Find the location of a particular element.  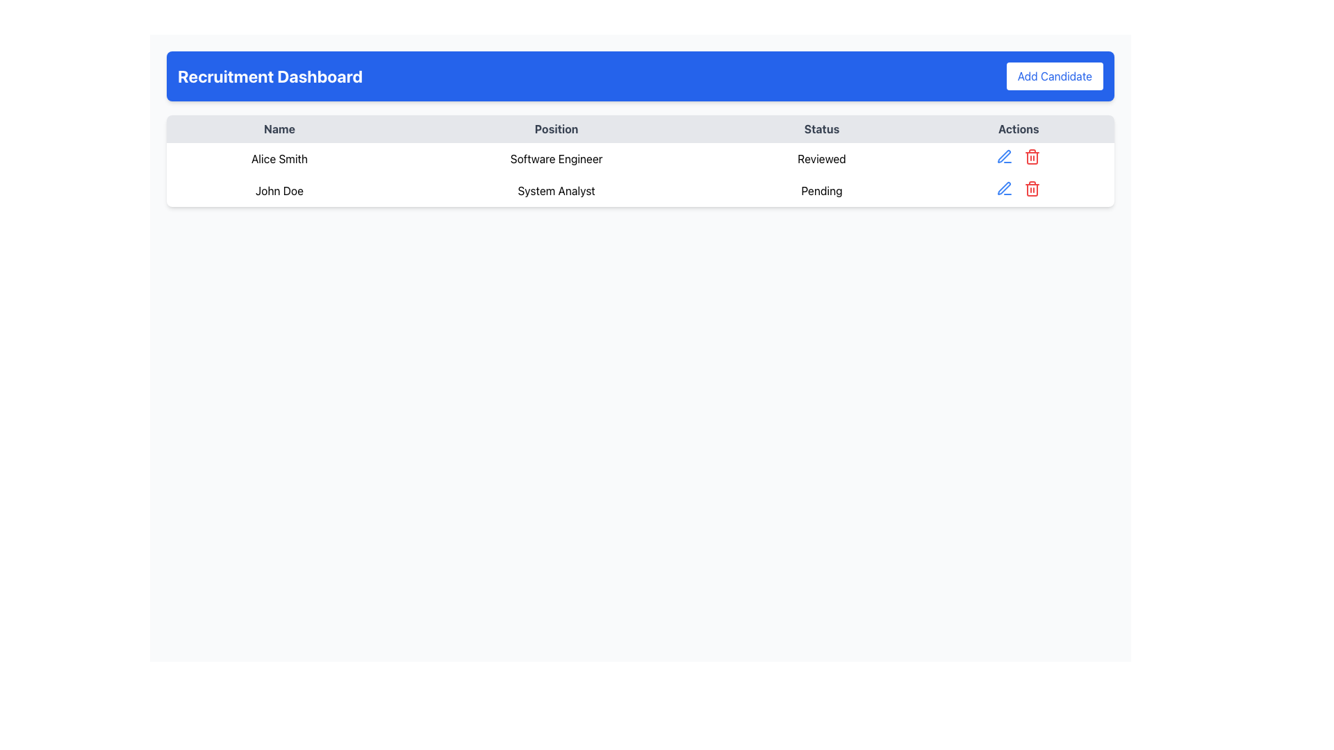

the 'Actions' text label, which is in bold, dark font and located in the top-right section of the table header row, next to the 'Status' column header is located at coordinates (1019, 128).